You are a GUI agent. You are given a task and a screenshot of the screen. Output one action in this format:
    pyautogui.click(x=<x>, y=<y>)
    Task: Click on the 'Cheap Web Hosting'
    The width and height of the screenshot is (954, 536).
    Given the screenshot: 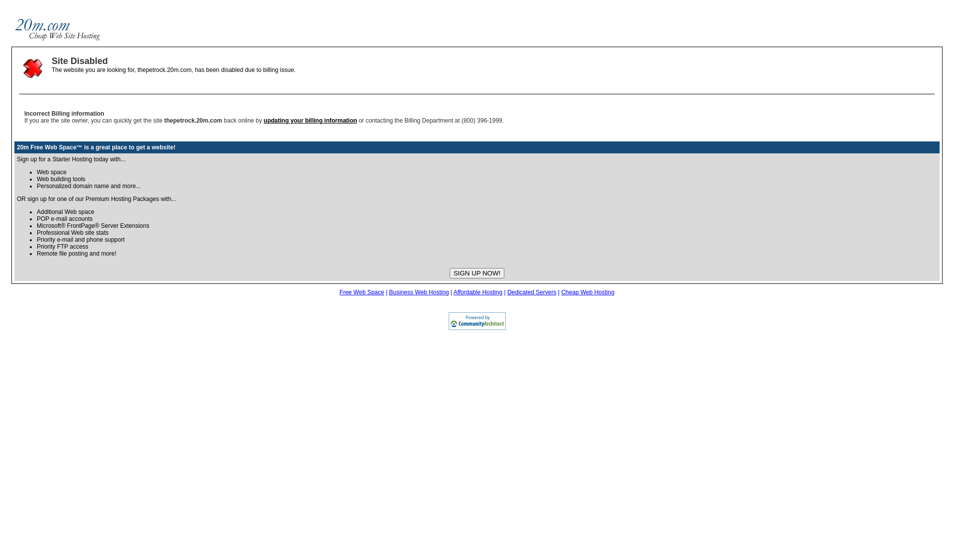 What is the action you would take?
    pyautogui.click(x=587, y=292)
    